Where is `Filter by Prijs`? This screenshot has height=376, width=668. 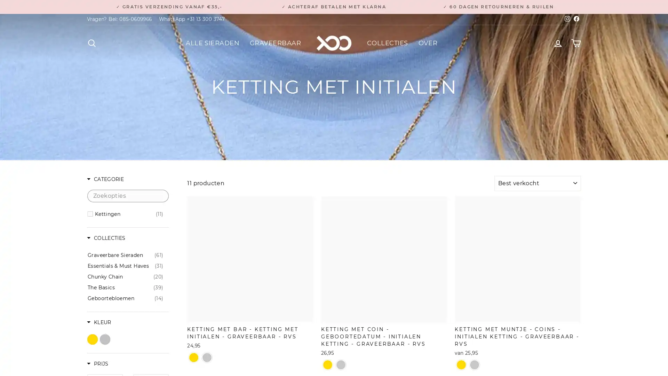
Filter by Prijs is located at coordinates (97, 364).